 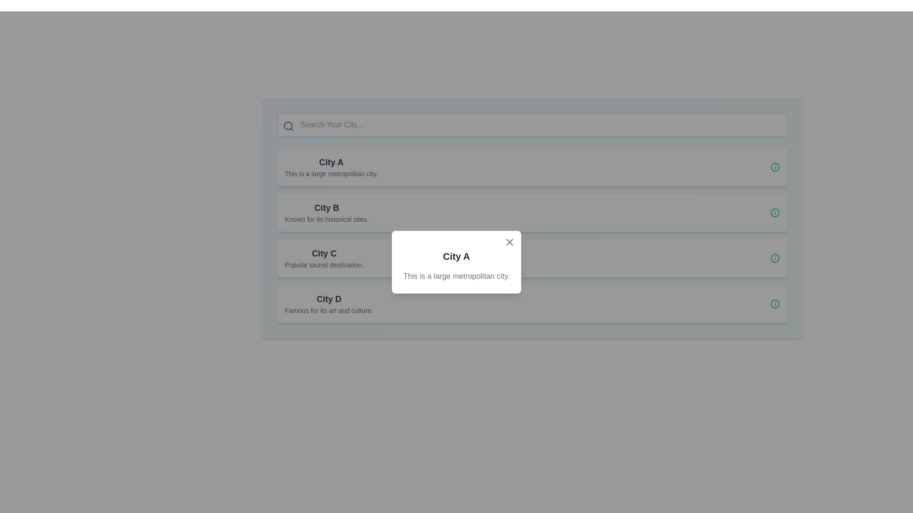 I want to click on the Informational Display Text Block that provides details about City B, specifically its name and features, so click(x=327, y=212).